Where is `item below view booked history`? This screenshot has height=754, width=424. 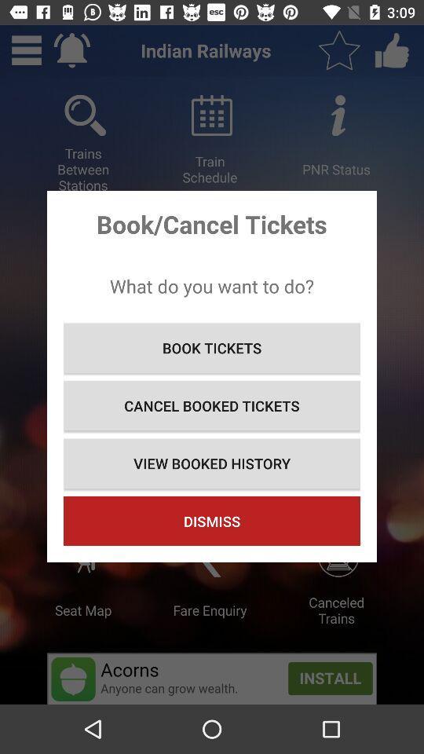 item below view booked history is located at coordinates (212, 521).